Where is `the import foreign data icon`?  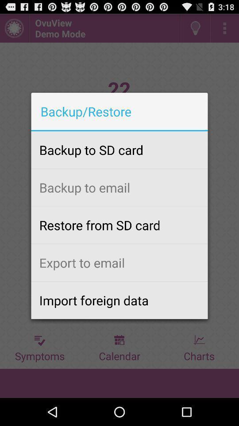 the import foreign data icon is located at coordinates (119, 300).